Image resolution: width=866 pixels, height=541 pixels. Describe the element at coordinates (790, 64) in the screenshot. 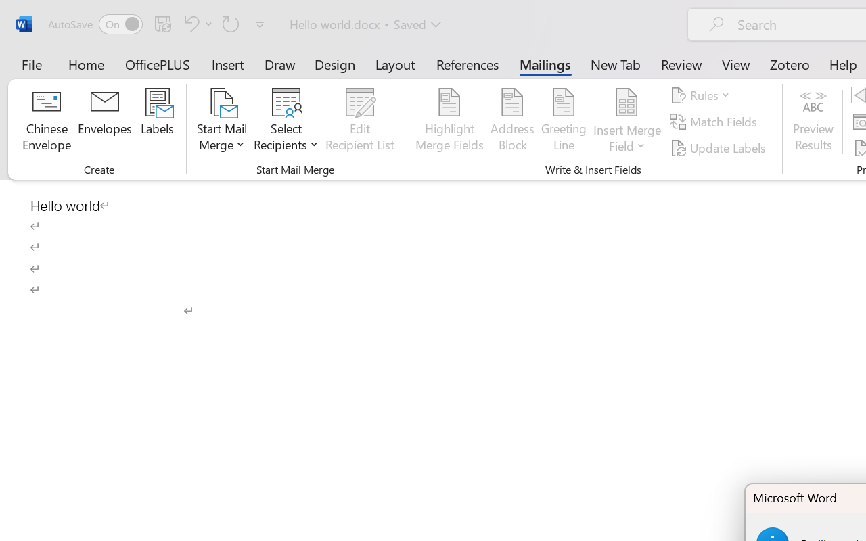

I see `'Zotero'` at that location.